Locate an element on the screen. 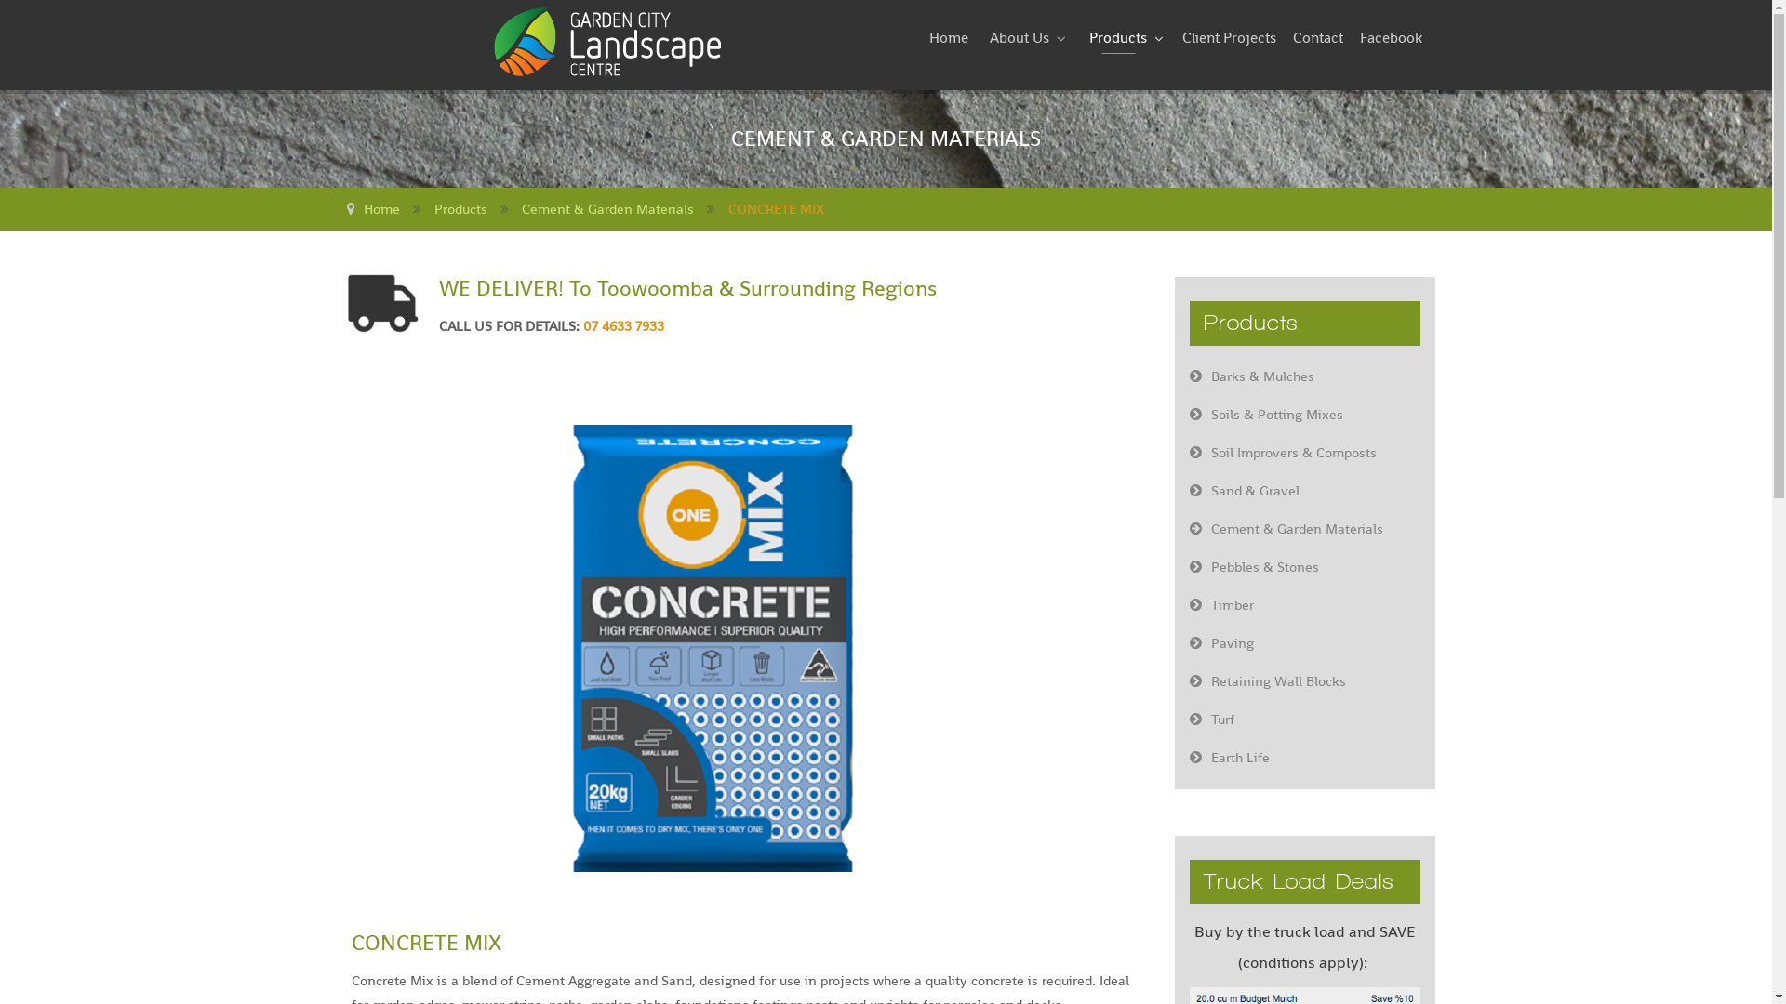  'Client Projects' is located at coordinates (1228, 38).